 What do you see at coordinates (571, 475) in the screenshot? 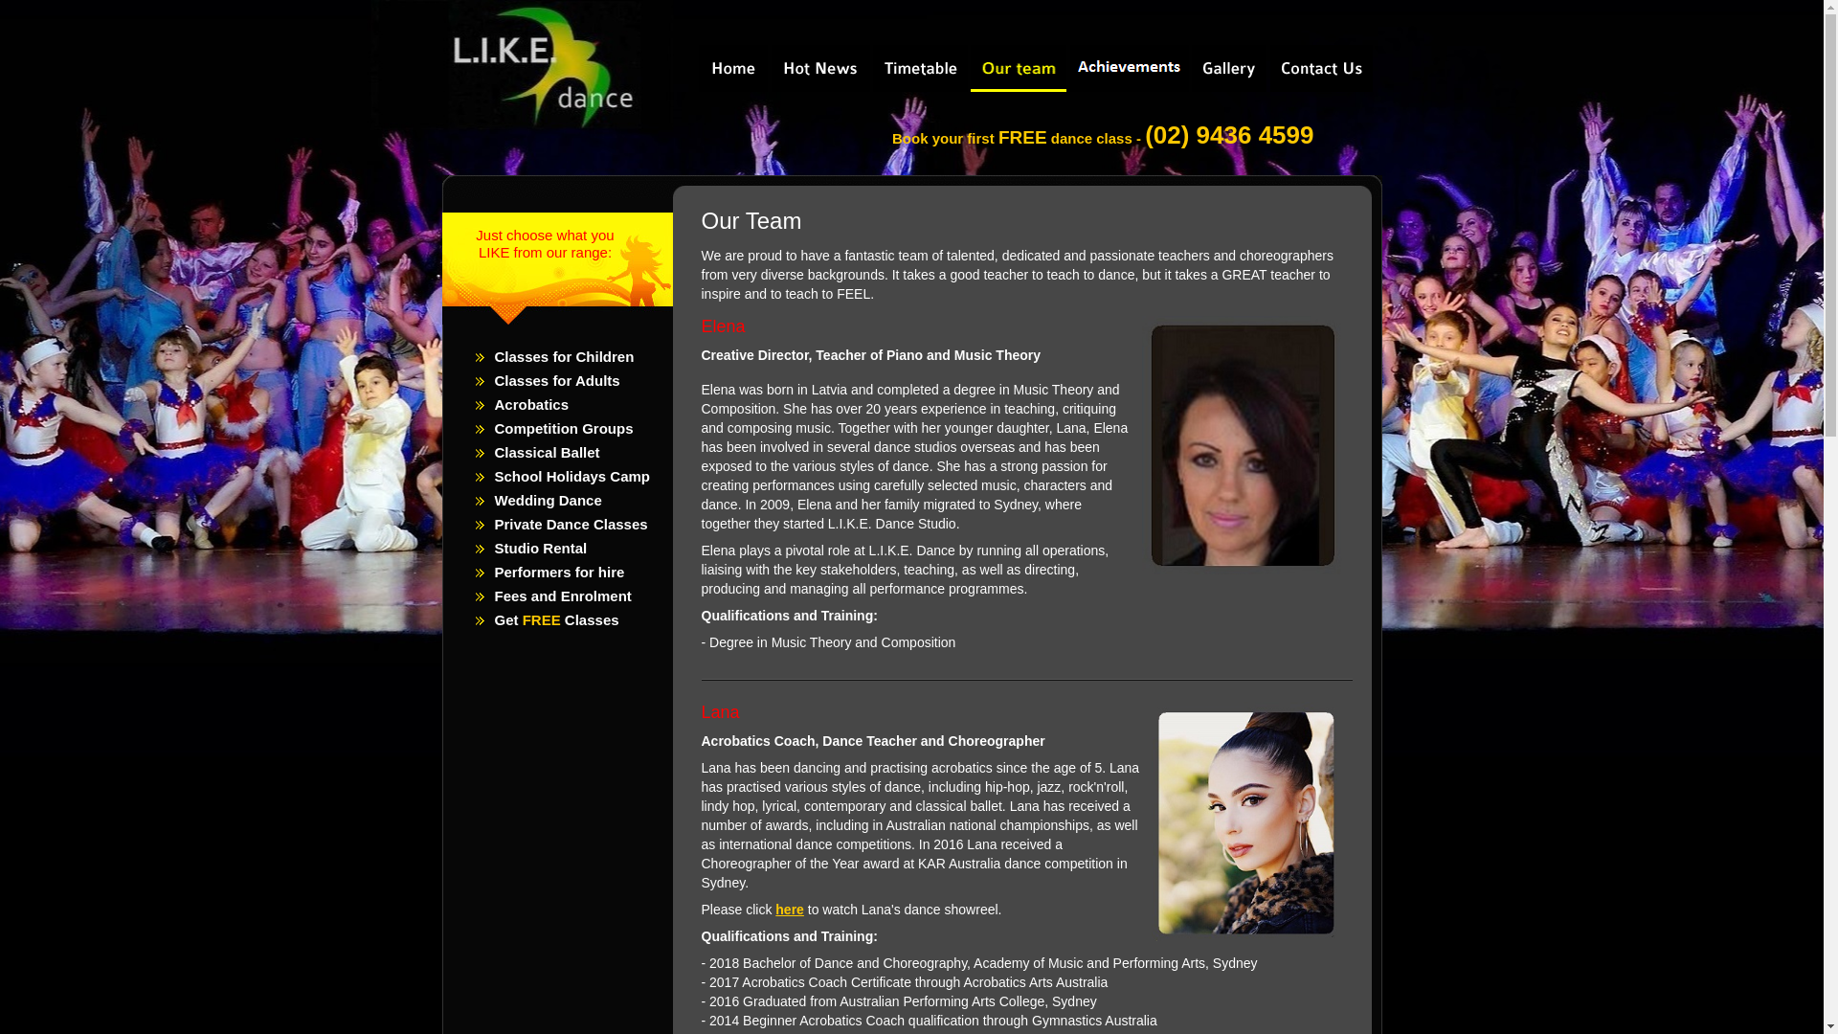
I see `'School Holidays Camp'` at bounding box center [571, 475].